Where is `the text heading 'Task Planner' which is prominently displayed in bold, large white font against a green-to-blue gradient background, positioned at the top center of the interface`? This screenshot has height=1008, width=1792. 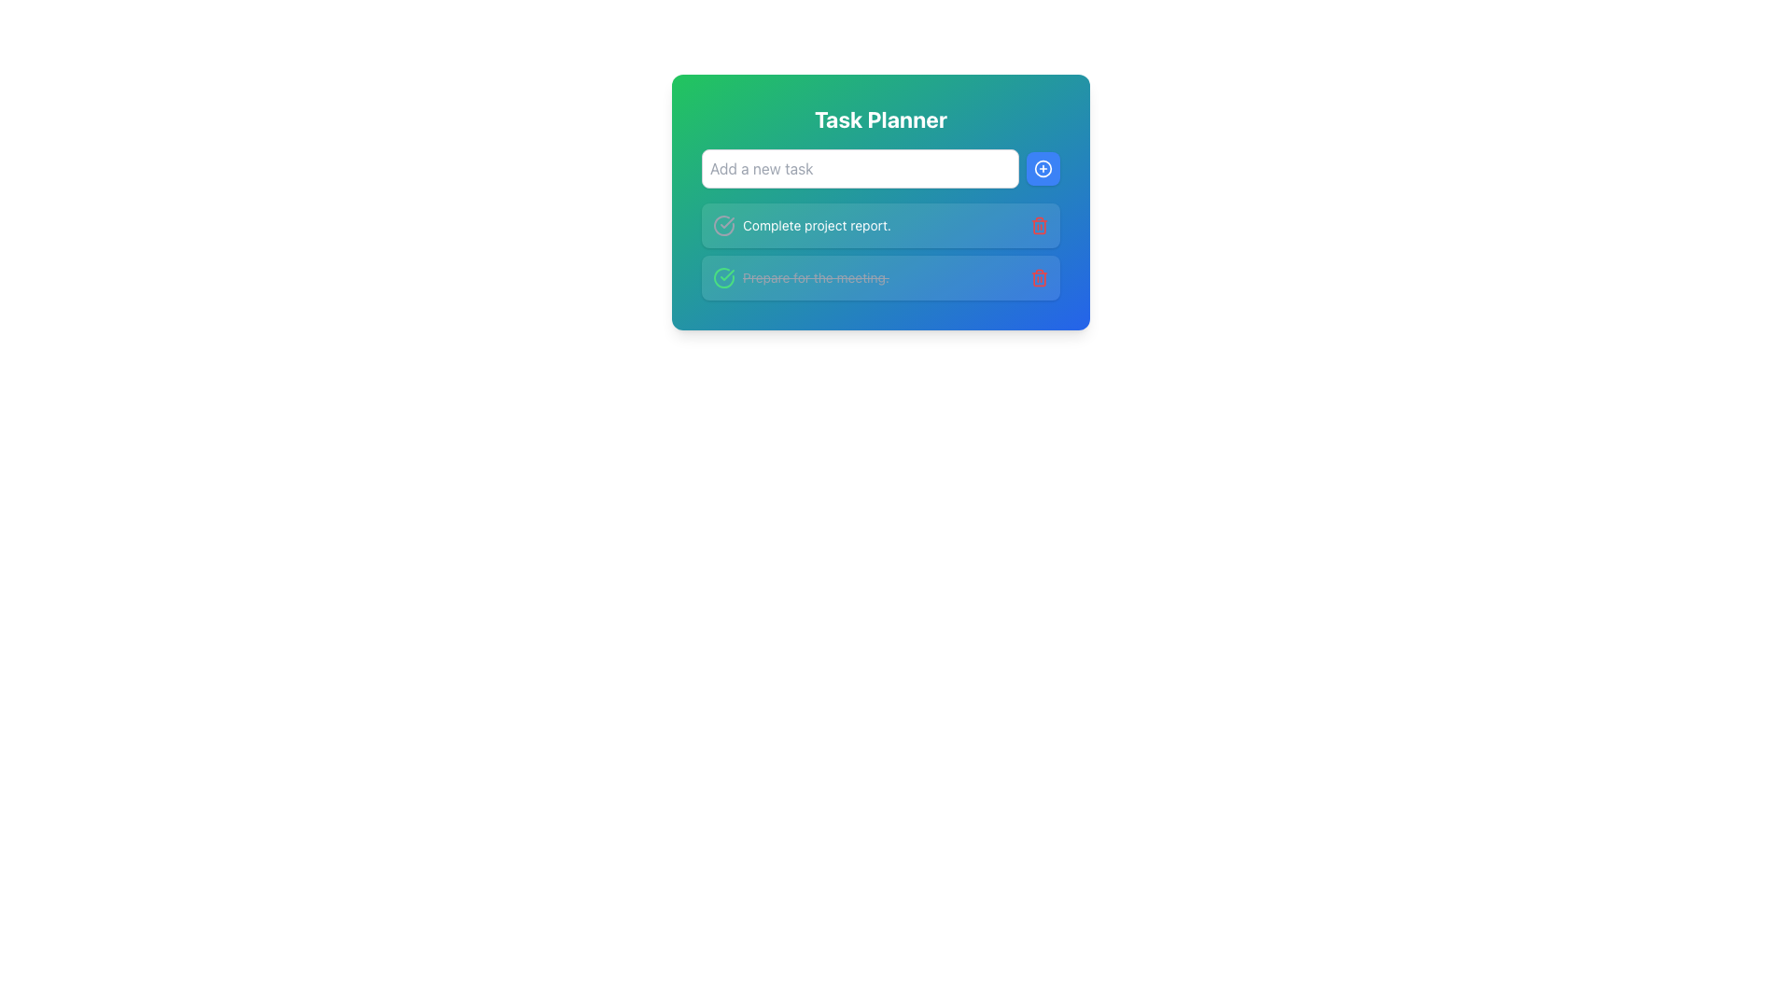
the text heading 'Task Planner' which is prominently displayed in bold, large white font against a green-to-blue gradient background, positioned at the top center of the interface is located at coordinates (880, 119).